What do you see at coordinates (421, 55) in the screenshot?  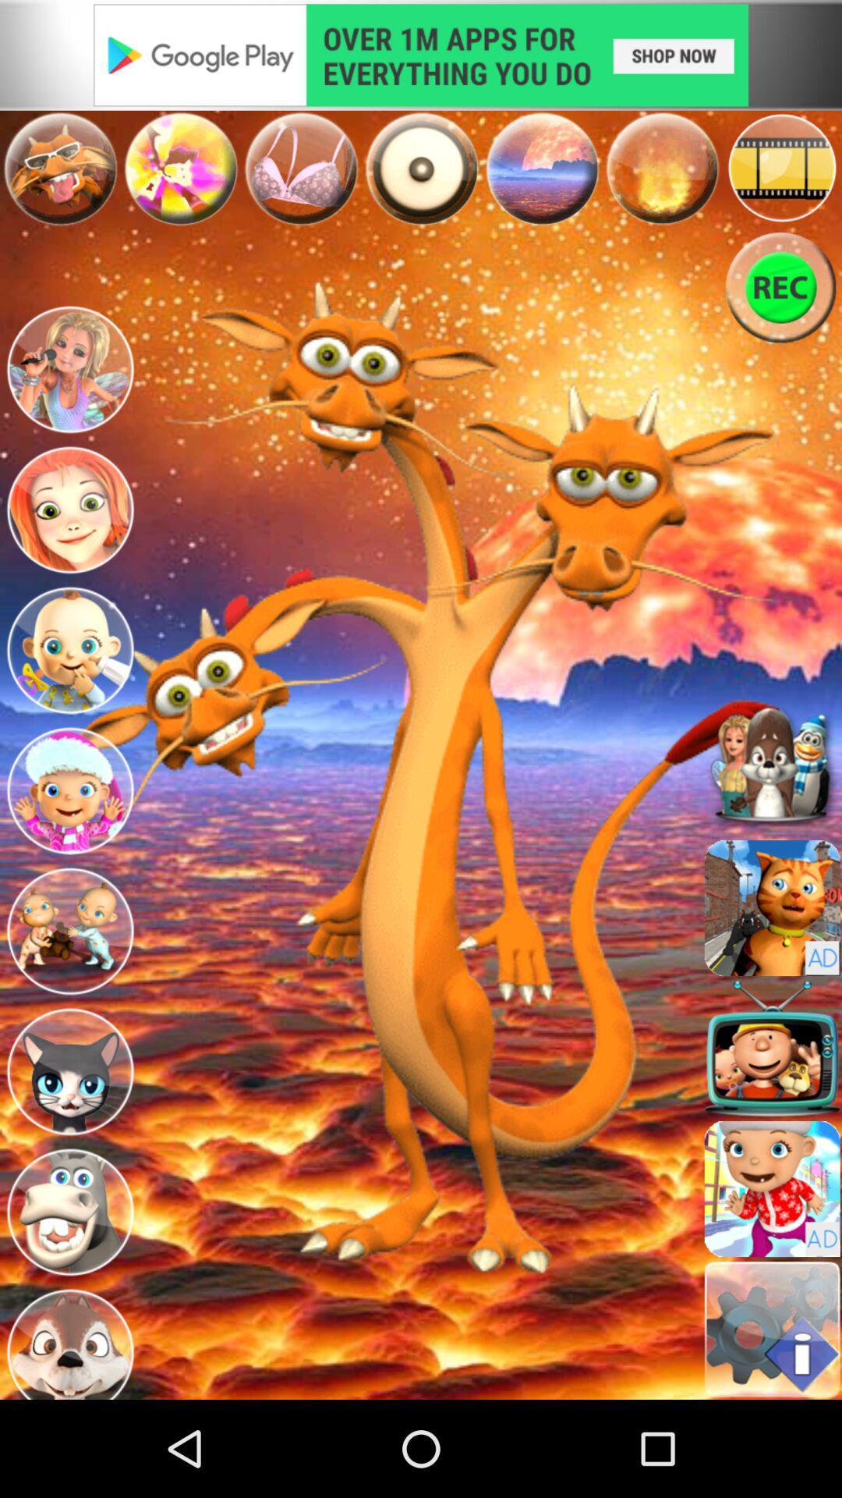 I see `open advertisement` at bounding box center [421, 55].